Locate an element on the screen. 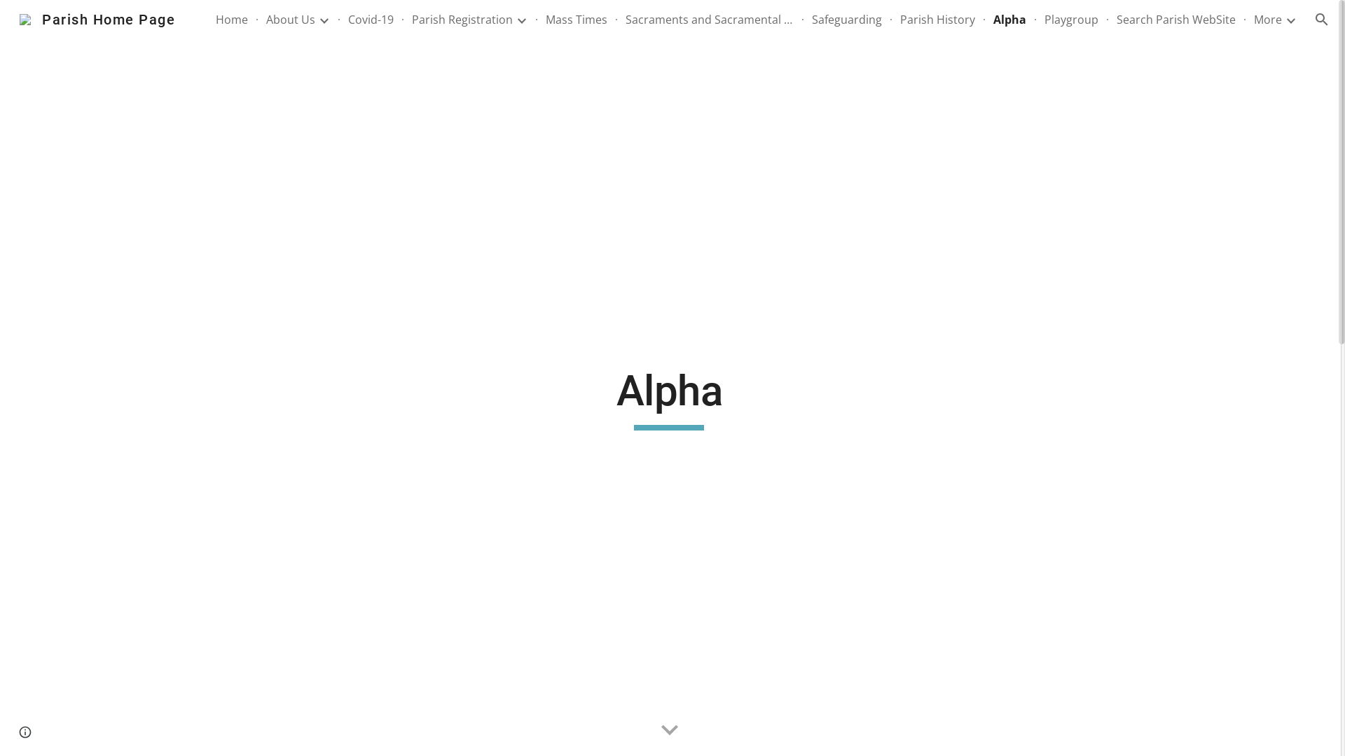 The width and height of the screenshot is (1345, 756). 'Alpha' is located at coordinates (1009, 19).